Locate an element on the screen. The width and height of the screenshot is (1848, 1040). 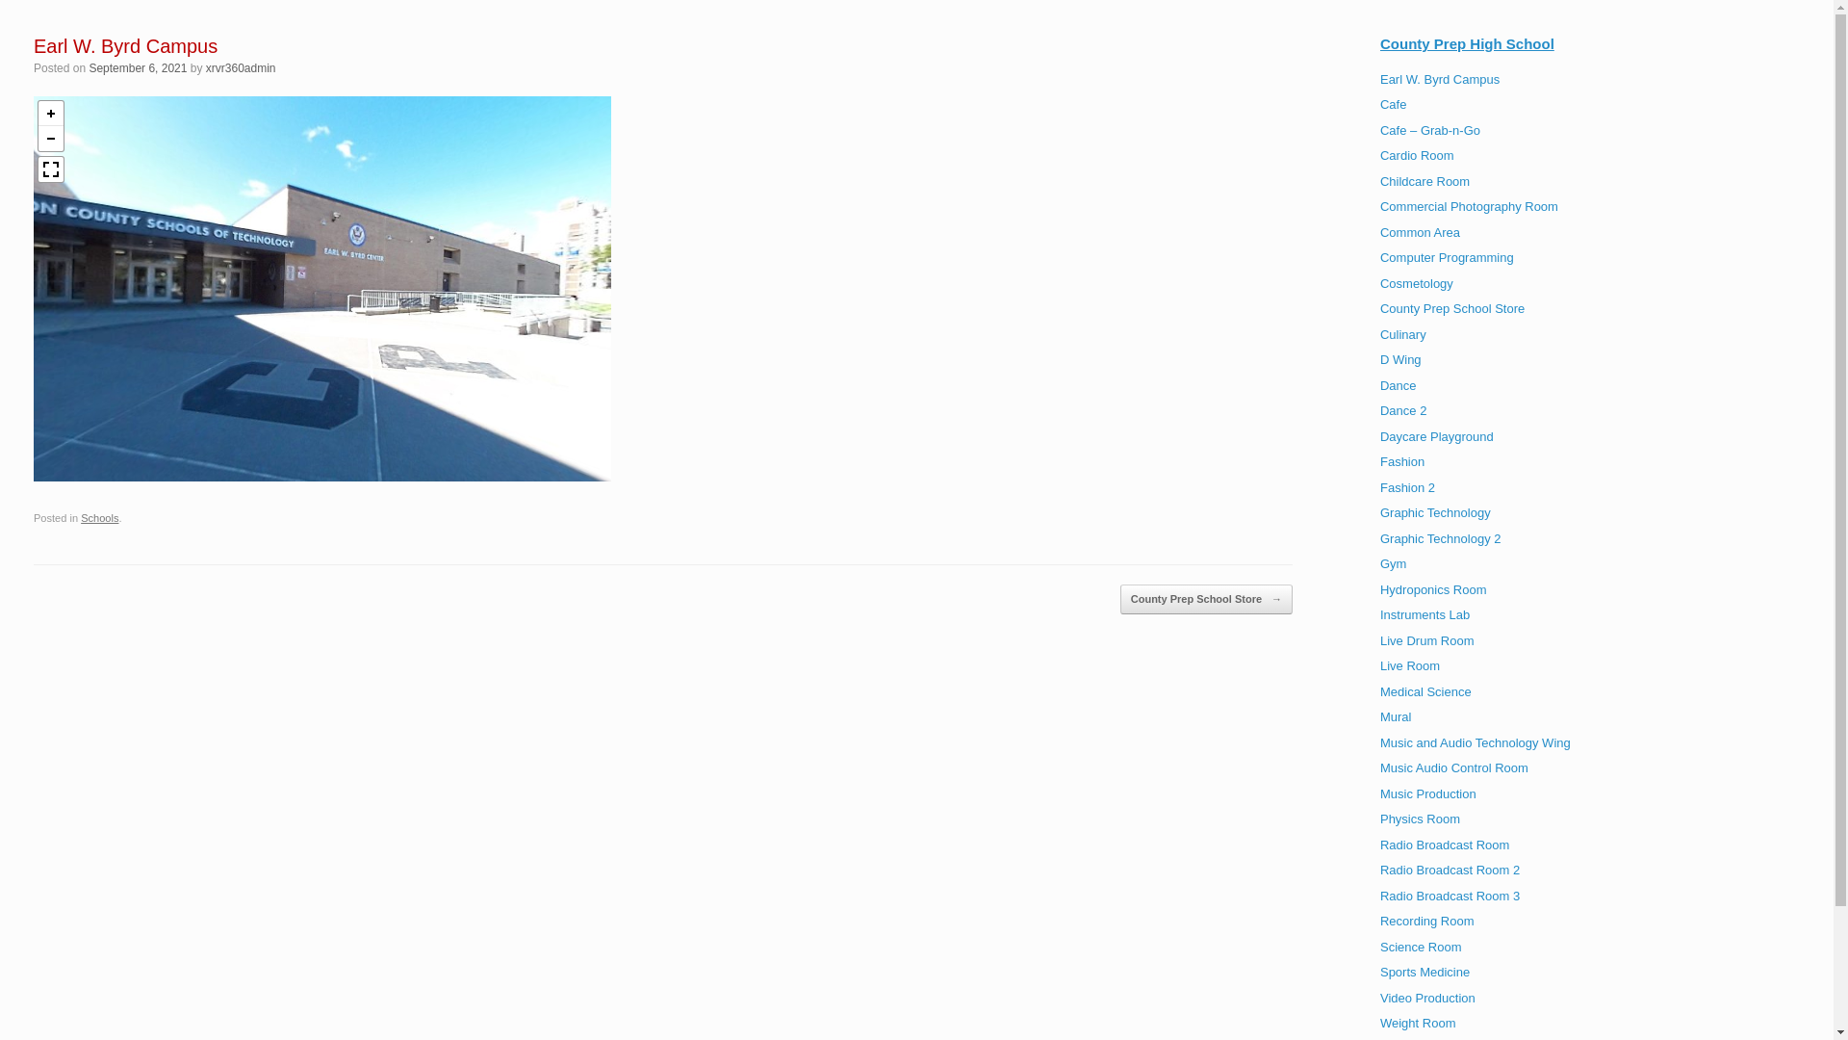
'Cafe' is located at coordinates (1393, 104).